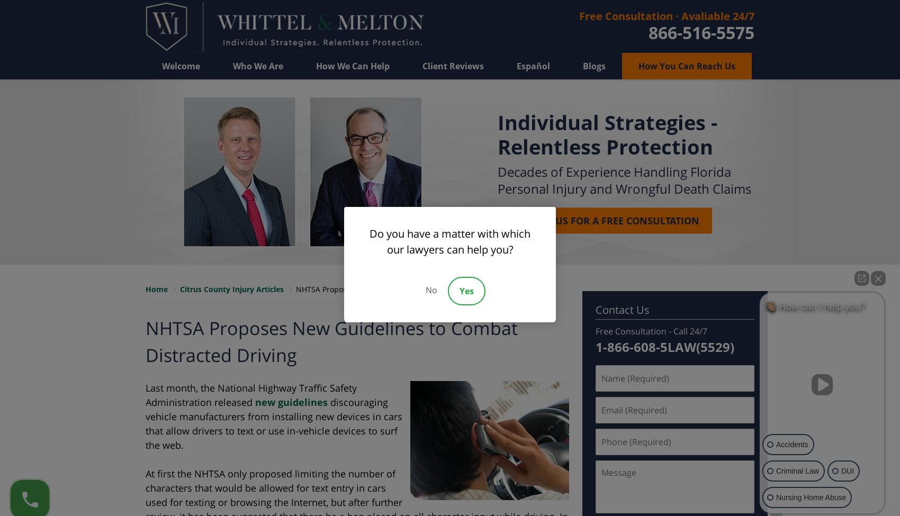 The width and height of the screenshot is (900, 516). Describe the element at coordinates (815, 305) in the screenshot. I see `'👋🏼 How can I help you?'` at that location.